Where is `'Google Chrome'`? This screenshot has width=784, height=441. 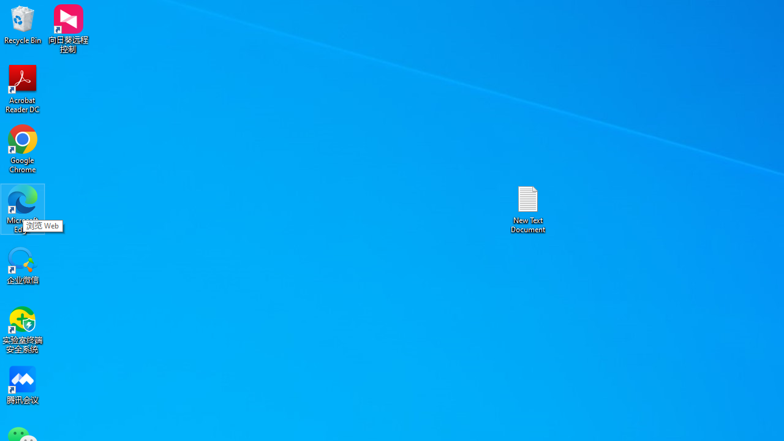 'Google Chrome' is located at coordinates (23, 148).